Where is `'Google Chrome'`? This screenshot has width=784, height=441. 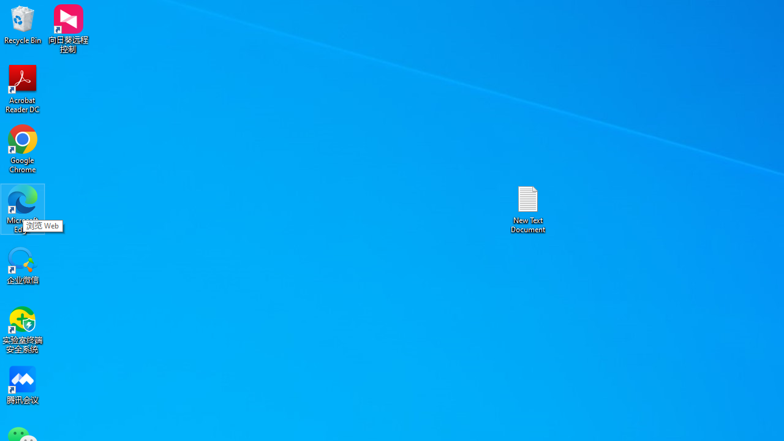 'Google Chrome' is located at coordinates (23, 148).